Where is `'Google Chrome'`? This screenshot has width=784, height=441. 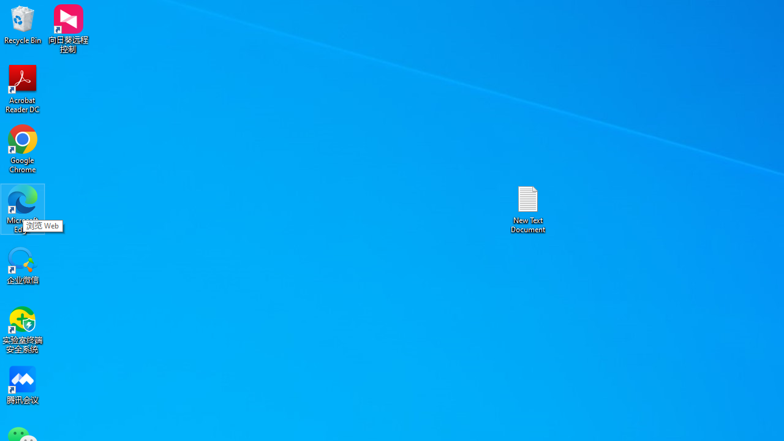 'Google Chrome' is located at coordinates (23, 148).